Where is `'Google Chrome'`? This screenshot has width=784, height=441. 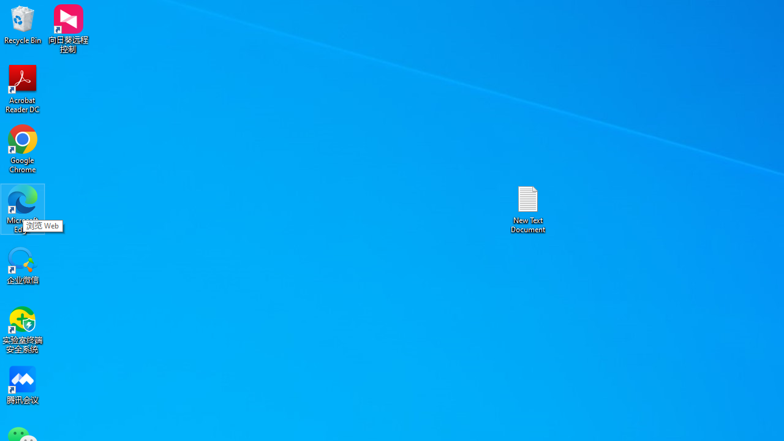 'Google Chrome' is located at coordinates (23, 148).